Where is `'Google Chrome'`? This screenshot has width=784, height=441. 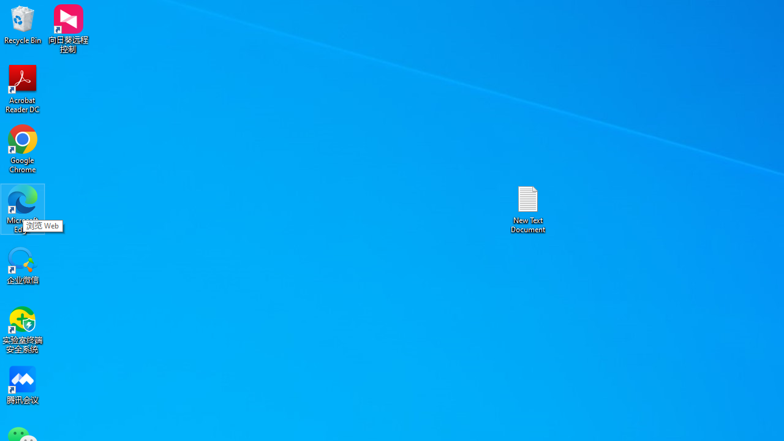 'Google Chrome' is located at coordinates (23, 148).